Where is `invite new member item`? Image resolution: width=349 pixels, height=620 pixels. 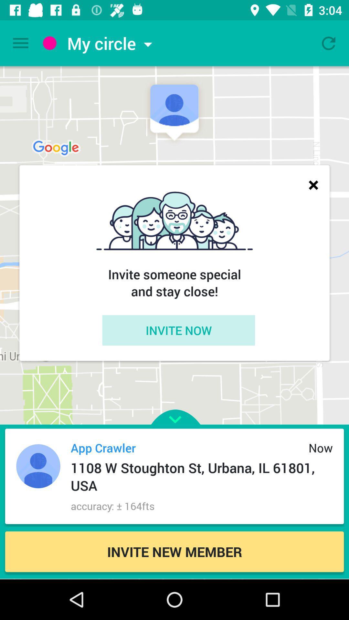 invite new member item is located at coordinates (174, 551).